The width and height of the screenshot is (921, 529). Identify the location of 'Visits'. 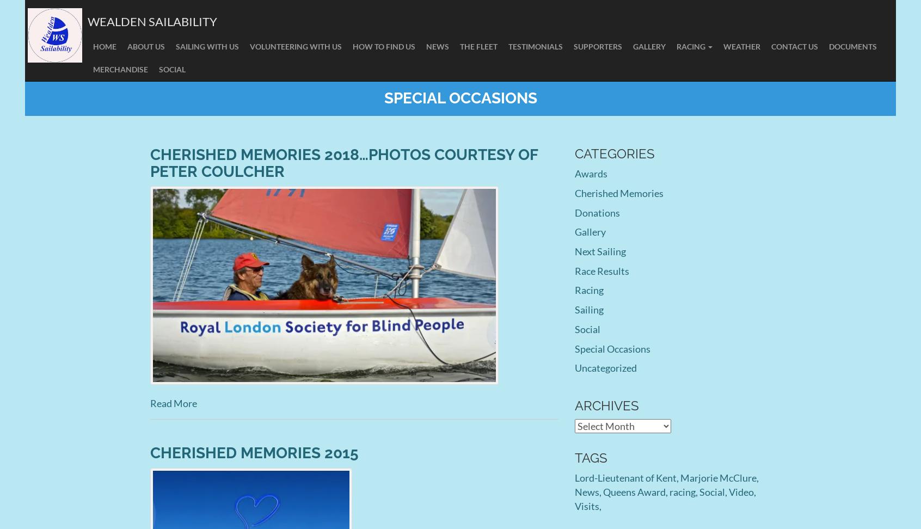
(574, 505).